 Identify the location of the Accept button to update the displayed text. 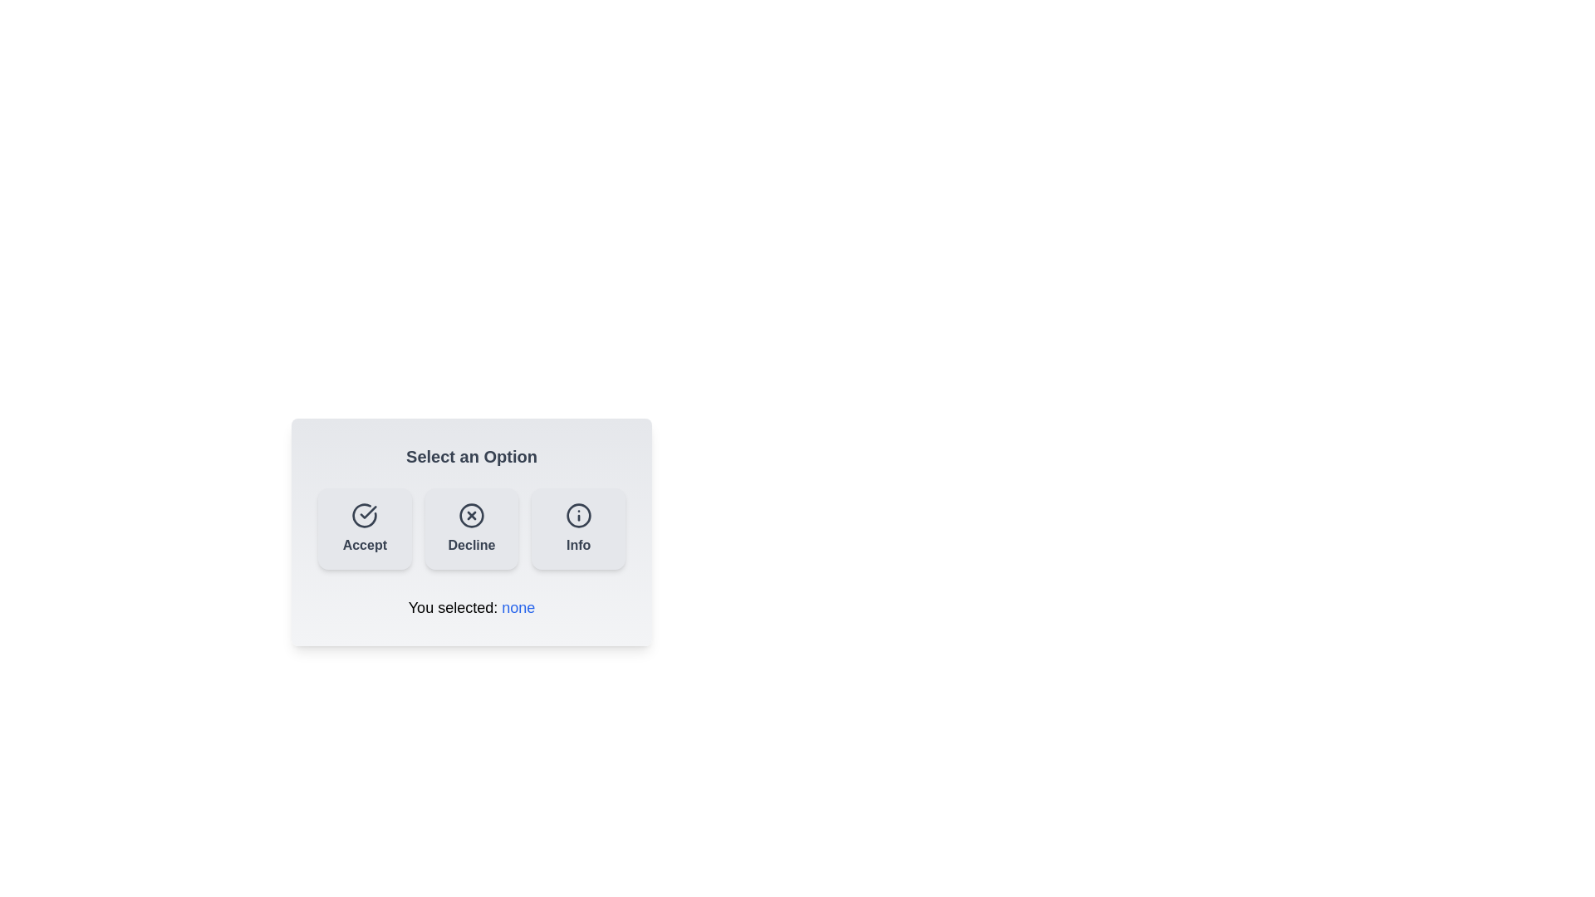
(364, 528).